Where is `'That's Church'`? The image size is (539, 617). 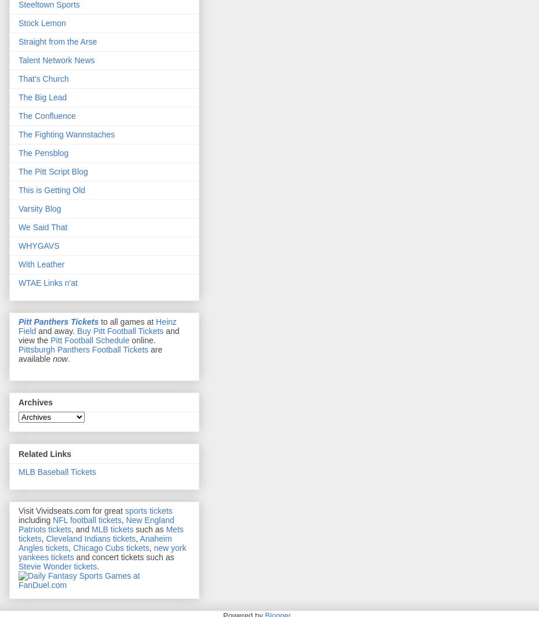
'That's Church' is located at coordinates (42, 78).